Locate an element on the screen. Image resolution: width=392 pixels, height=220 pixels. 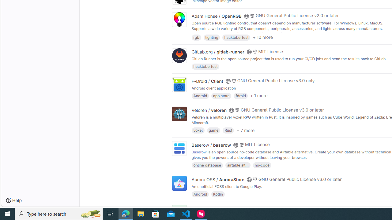
'Kotlin' is located at coordinates (218, 194).